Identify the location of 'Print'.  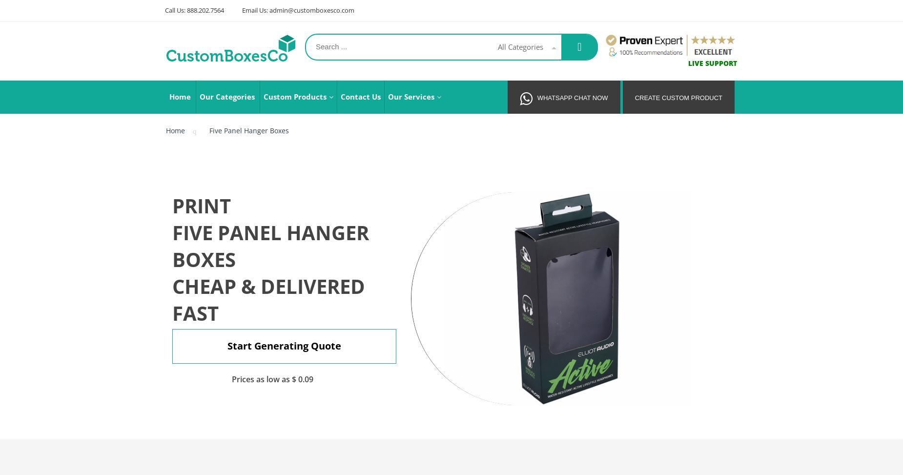
(201, 206).